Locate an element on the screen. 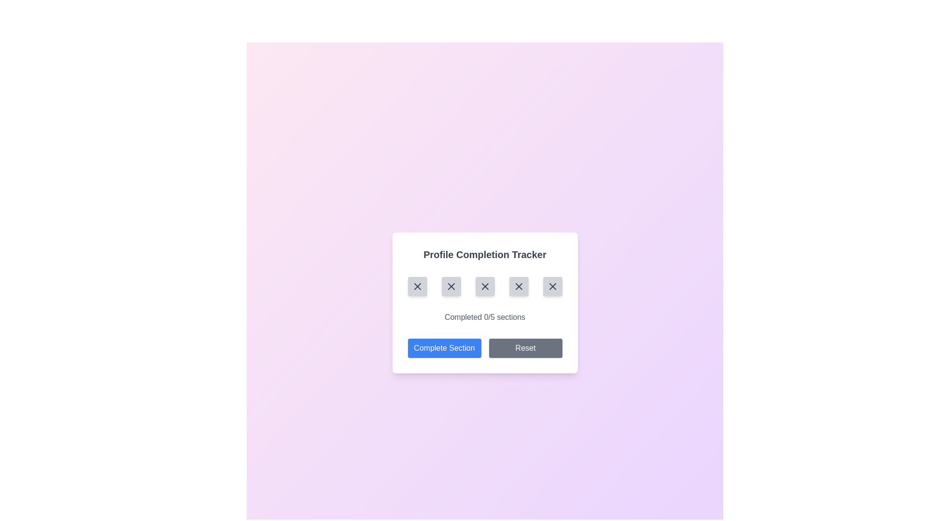 Image resolution: width=927 pixels, height=521 pixels. the small square-shaped button with a light gray background and a dark gray 'X' icon, which is the third button from the left in a row of five buttons is located at coordinates (485, 286).